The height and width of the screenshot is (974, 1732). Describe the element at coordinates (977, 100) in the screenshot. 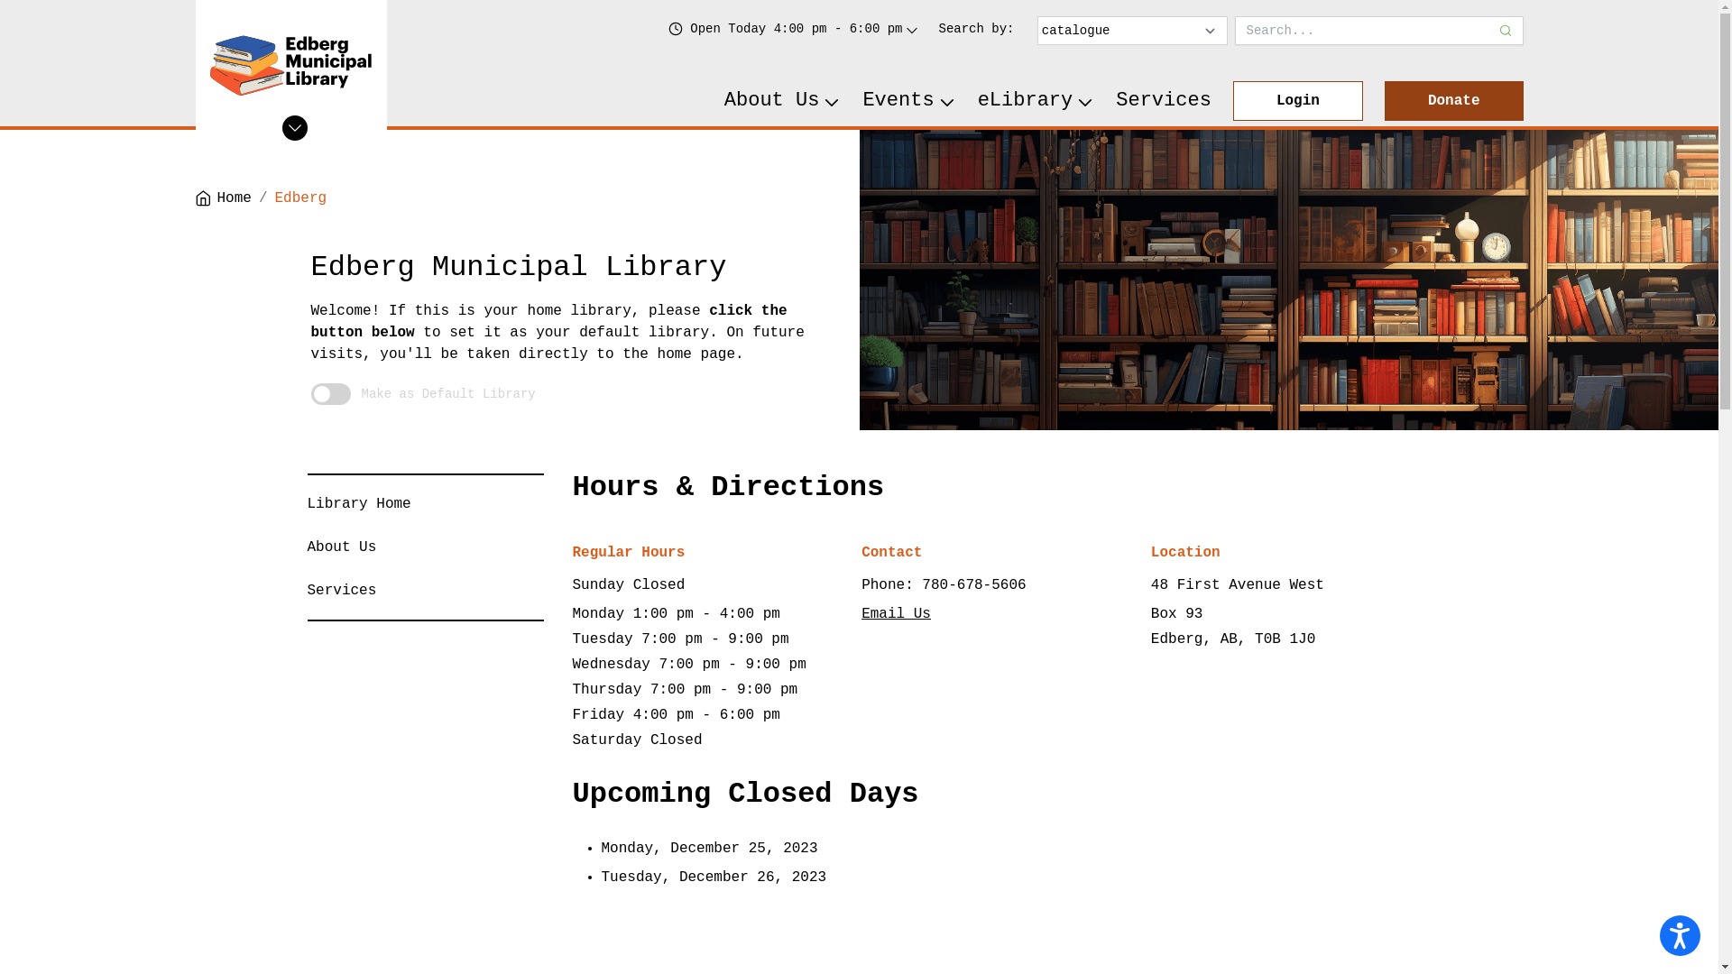

I see `'eLibrary'` at that location.